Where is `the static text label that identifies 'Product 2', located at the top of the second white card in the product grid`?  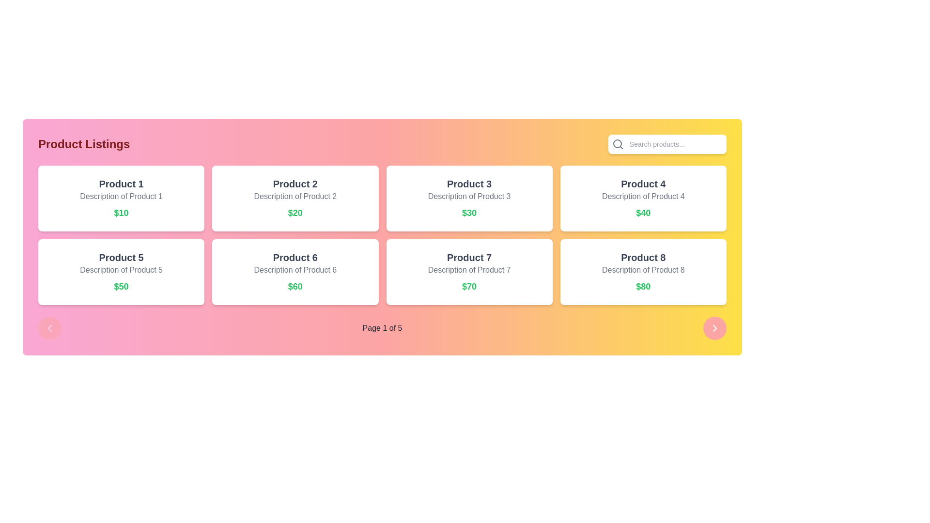
the static text label that identifies 'Product 2', located at the top of the second white card in the product grid is located at coordinates (294, 184).